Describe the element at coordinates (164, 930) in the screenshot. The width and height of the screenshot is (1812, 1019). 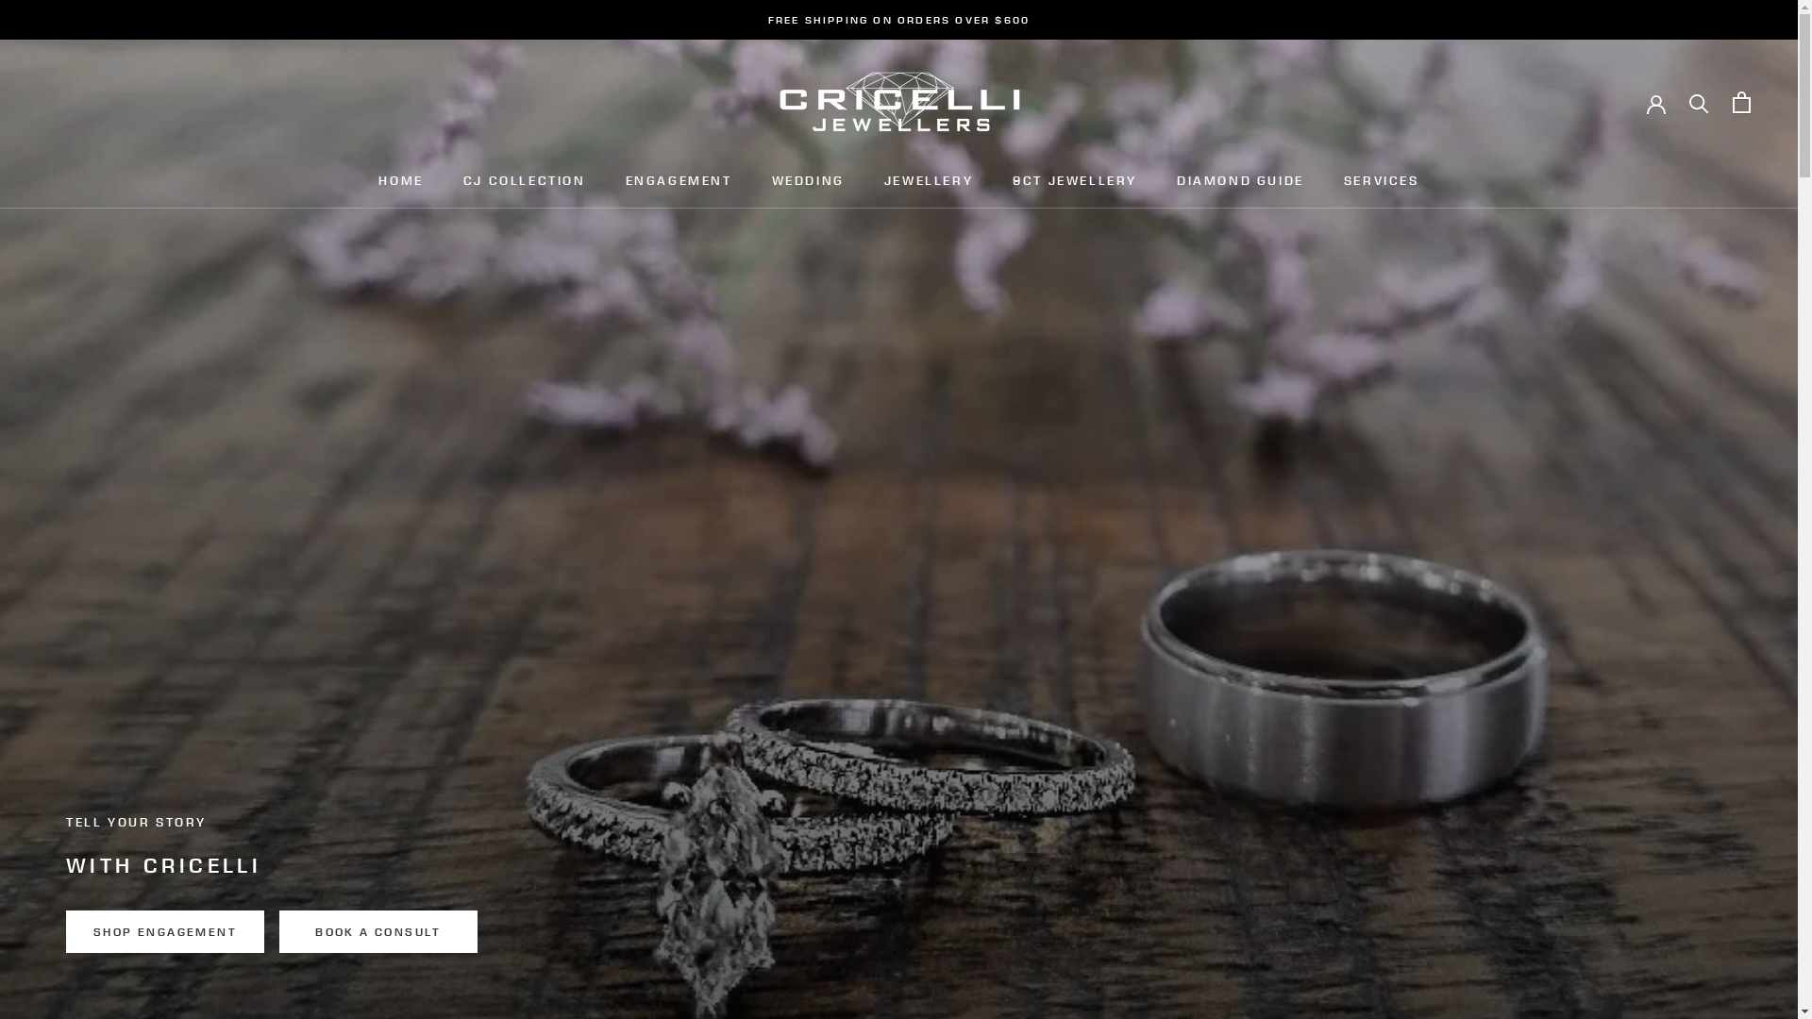
I see `'SHOP ENGAGEMENT'` at that location.